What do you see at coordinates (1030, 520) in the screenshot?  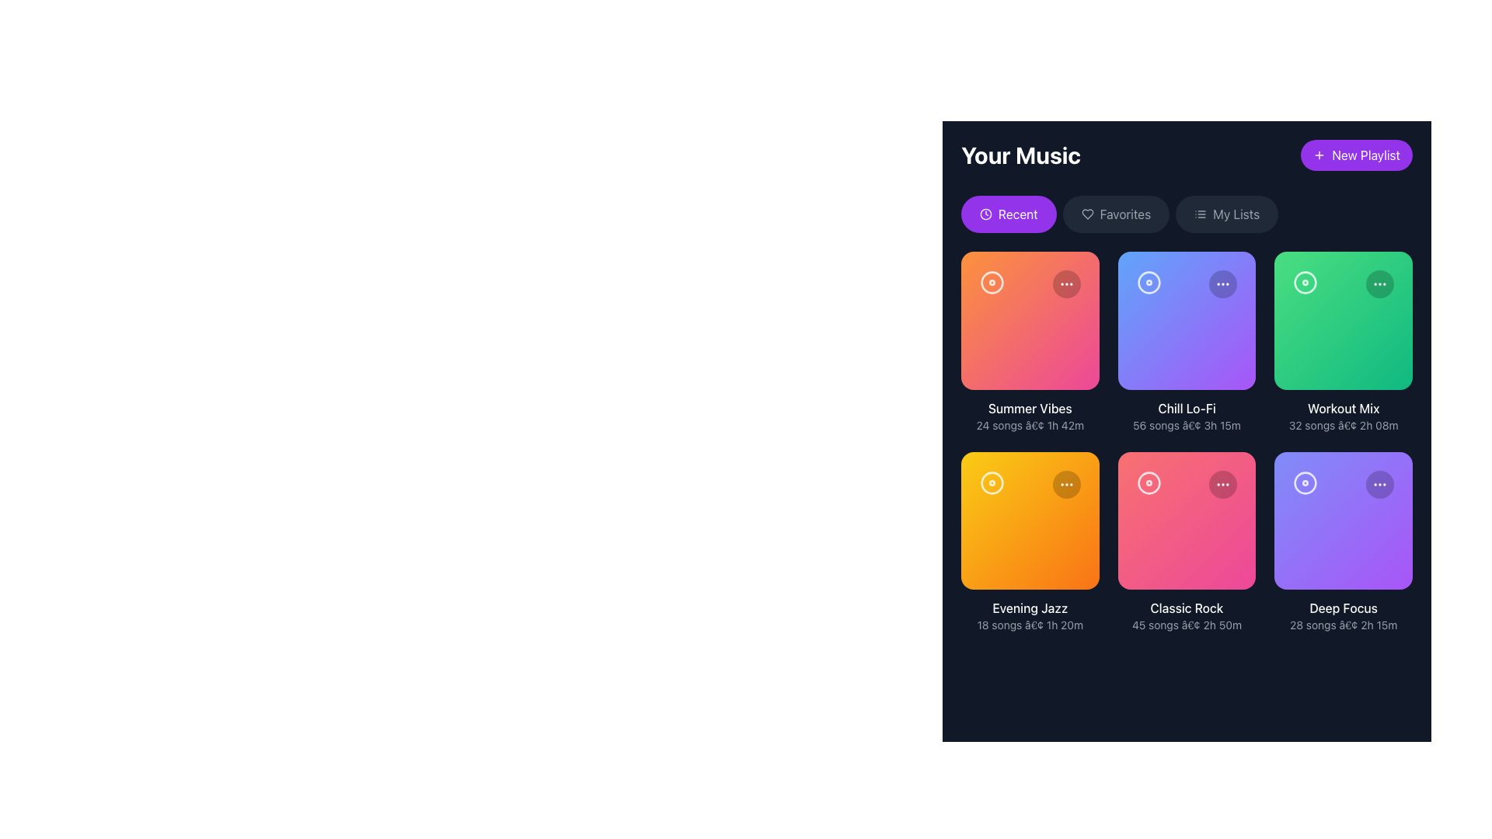 I see `the Image Card located in the bottom-left region of the music UI` at bounding box center [1030, 520].